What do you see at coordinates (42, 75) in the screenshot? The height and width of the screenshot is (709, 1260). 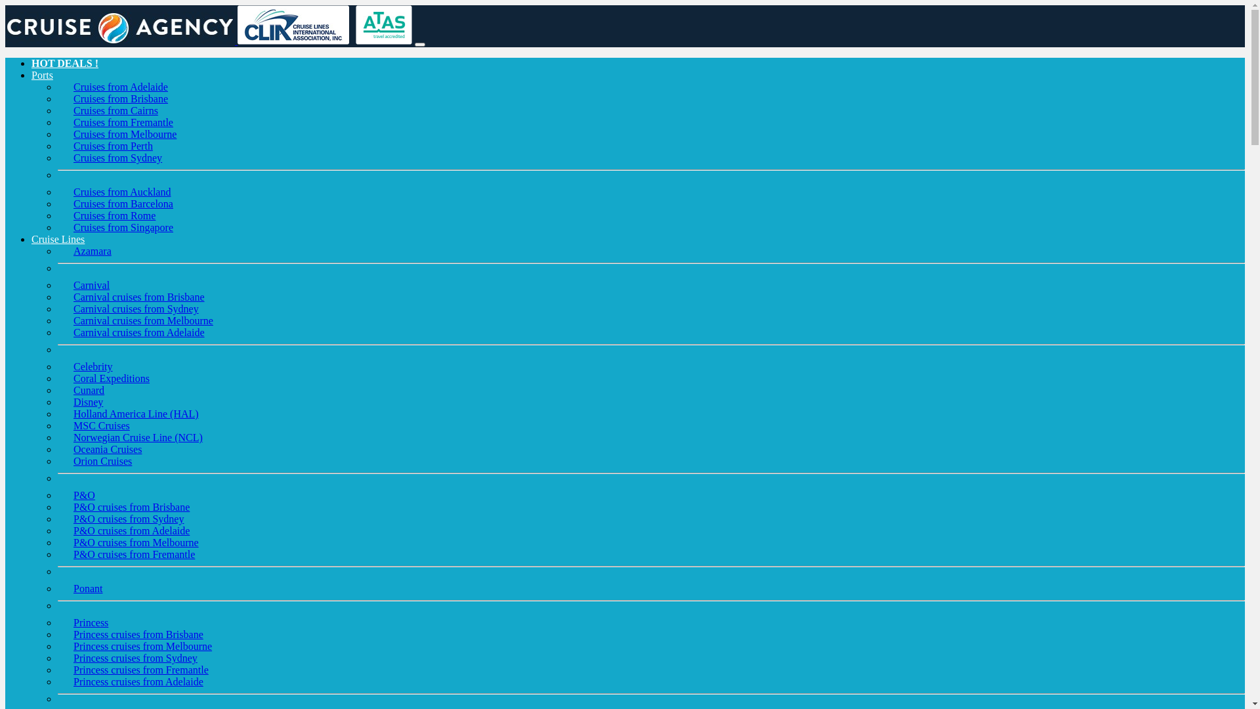 I see `'Ports'` at bounding box center [42, 75].